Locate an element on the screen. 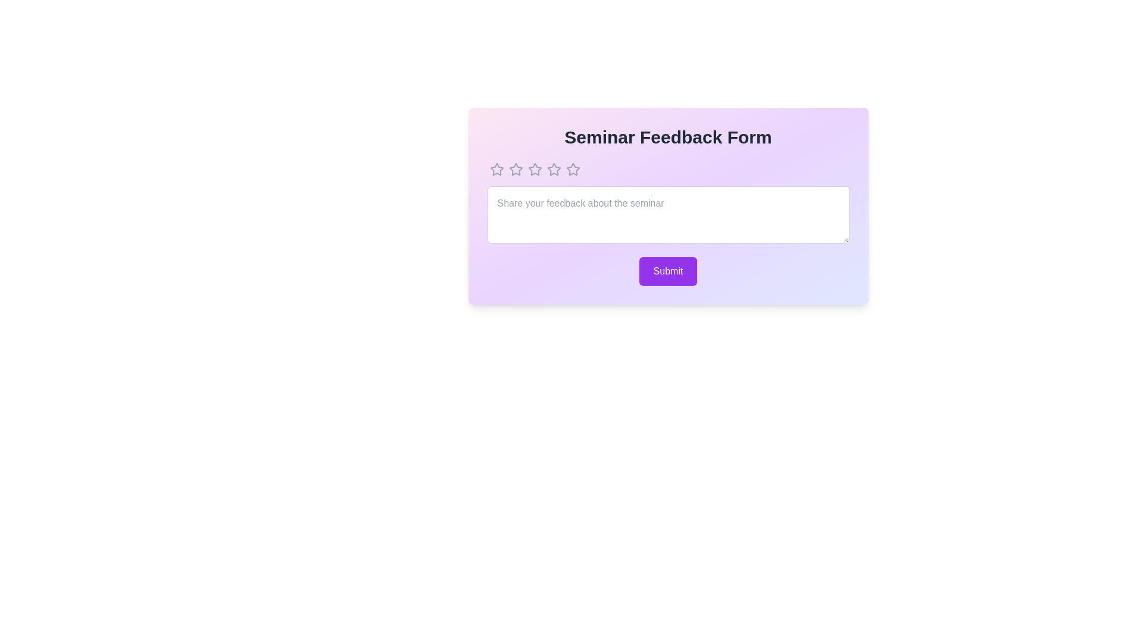  the star to set the rating to 5 stars is located at coordinates (573, 170).